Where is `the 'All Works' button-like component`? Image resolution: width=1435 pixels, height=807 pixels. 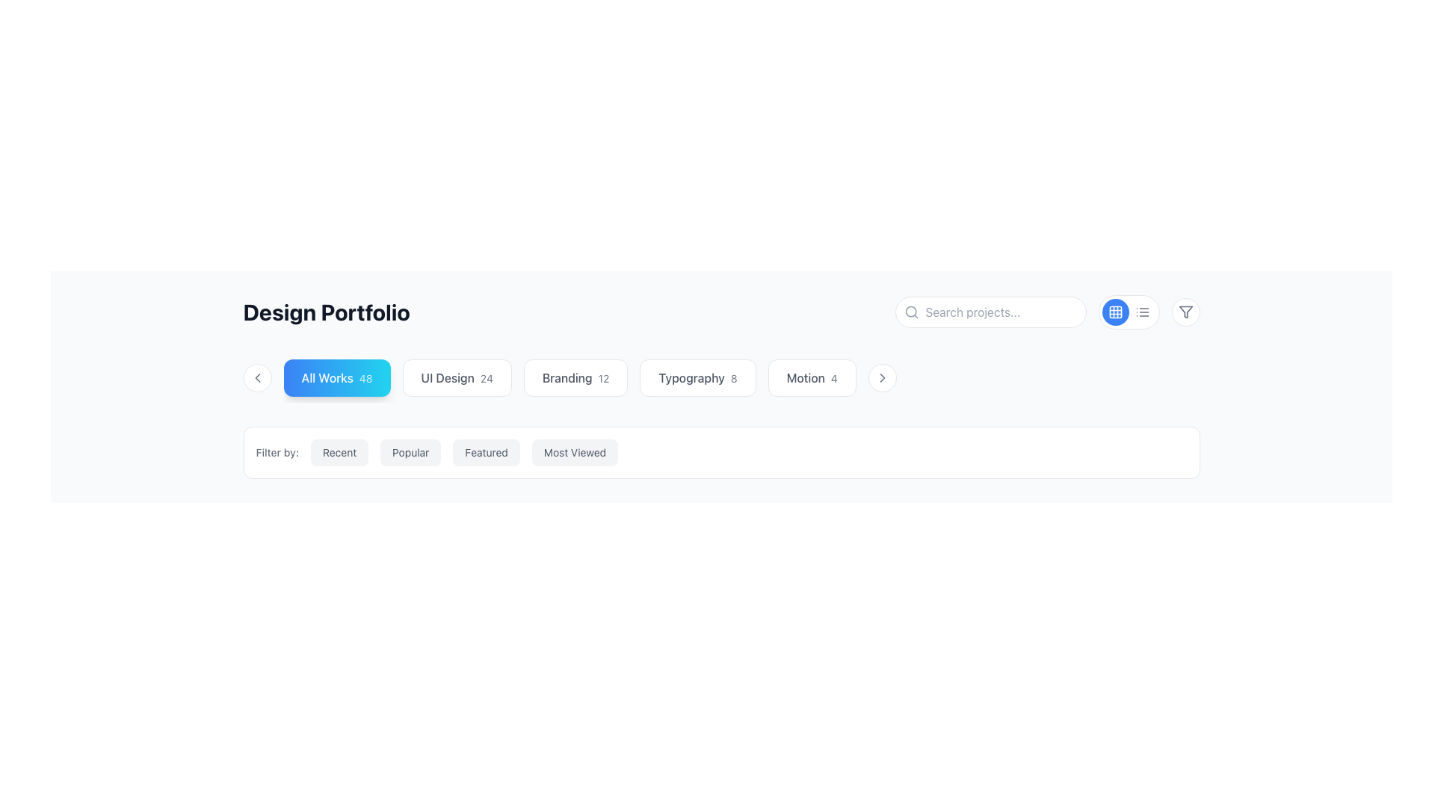 the 'All Works' button-like component is located at coordinates (327, 377).